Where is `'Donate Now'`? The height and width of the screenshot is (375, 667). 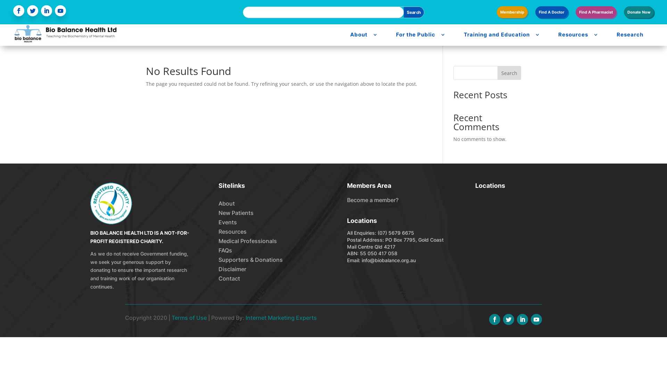 'Donate Now' is located at coordinates (639, 13).